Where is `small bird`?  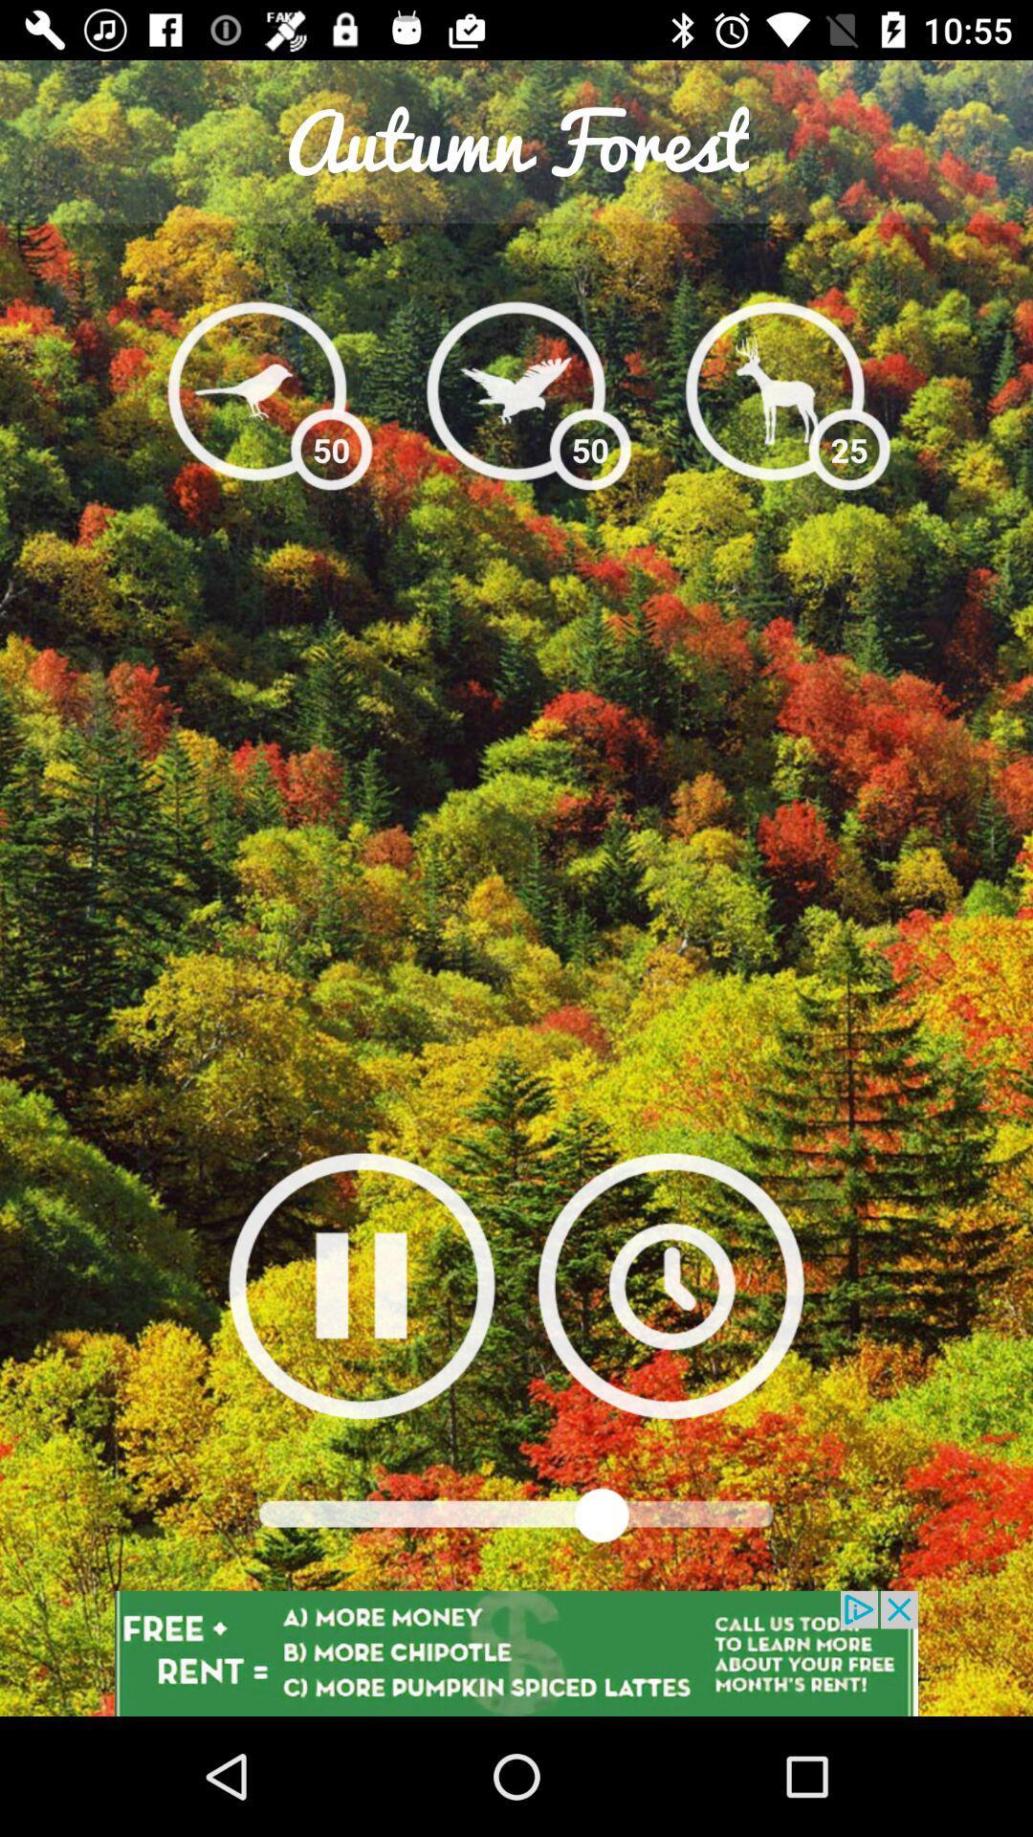
small bird is located at coordinates (255, 389).